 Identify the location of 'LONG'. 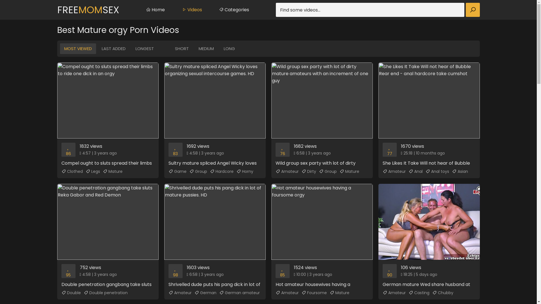
(229, 48).